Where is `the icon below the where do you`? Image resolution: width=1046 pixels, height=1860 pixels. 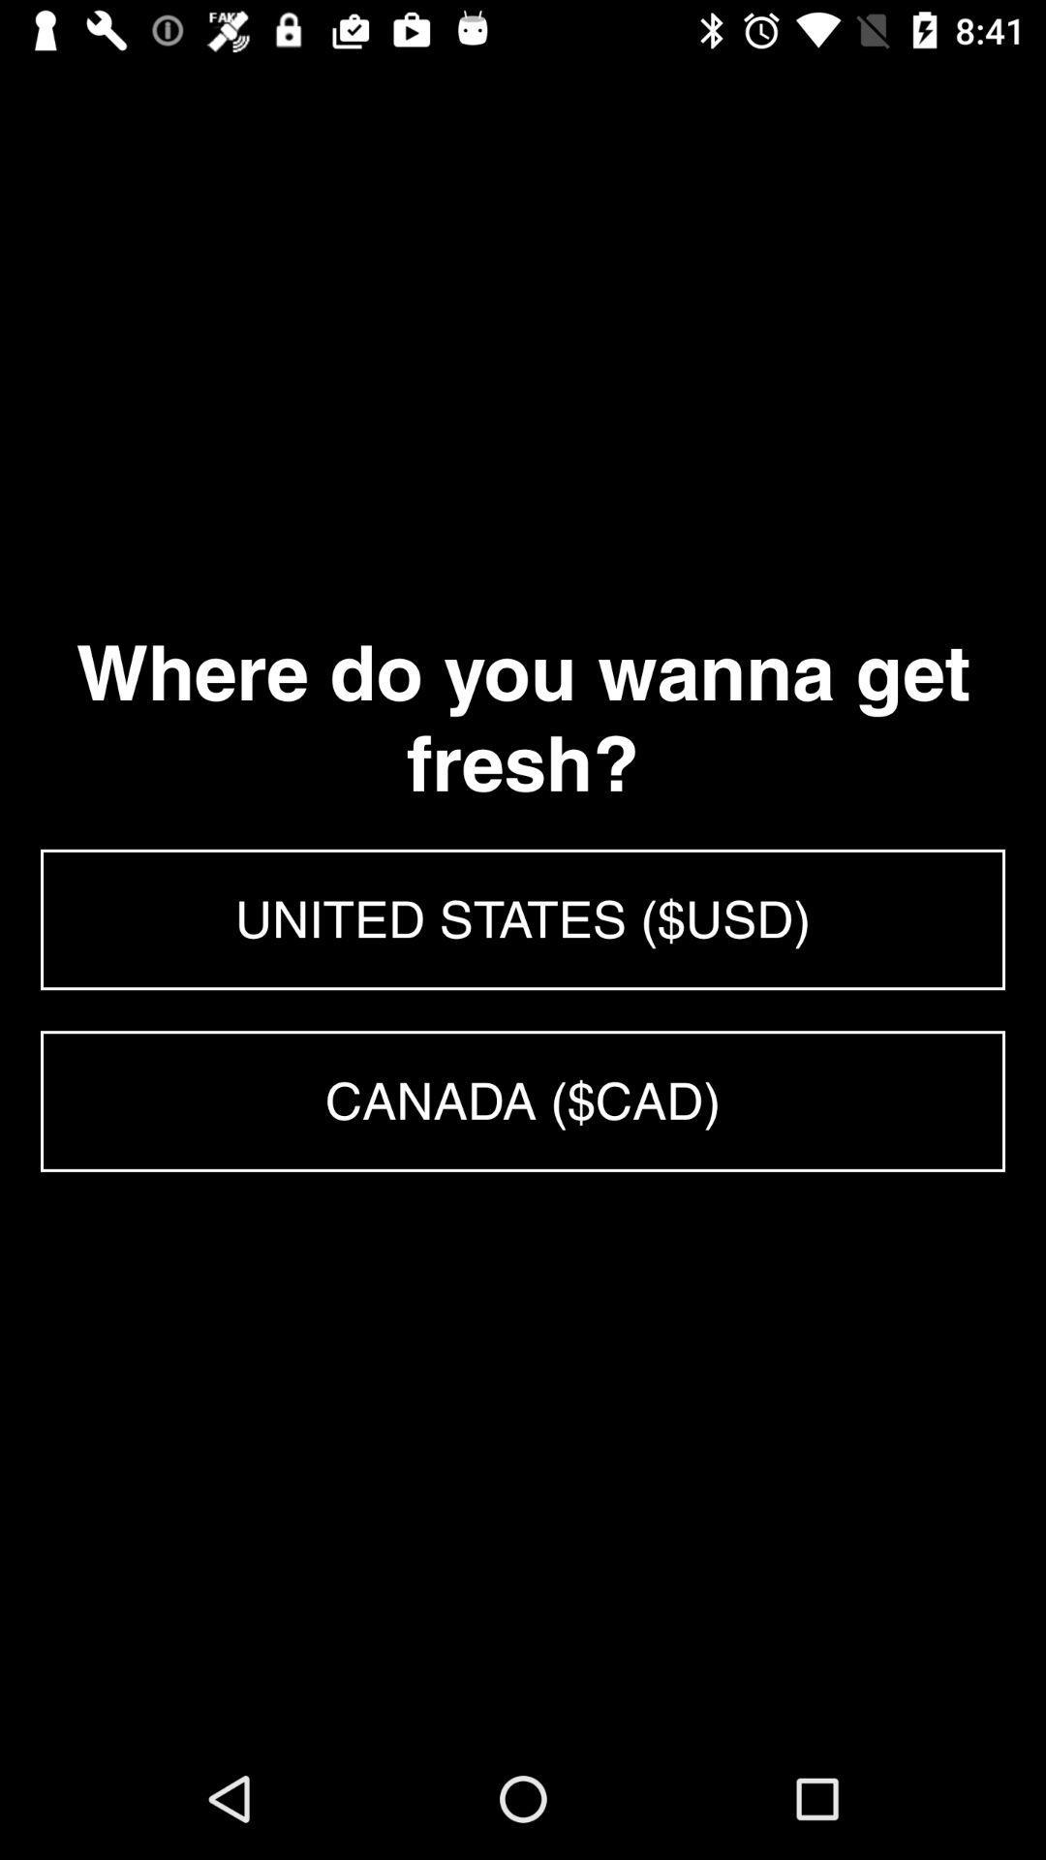 the icon below the where do you is located at coordinates (523, 918).